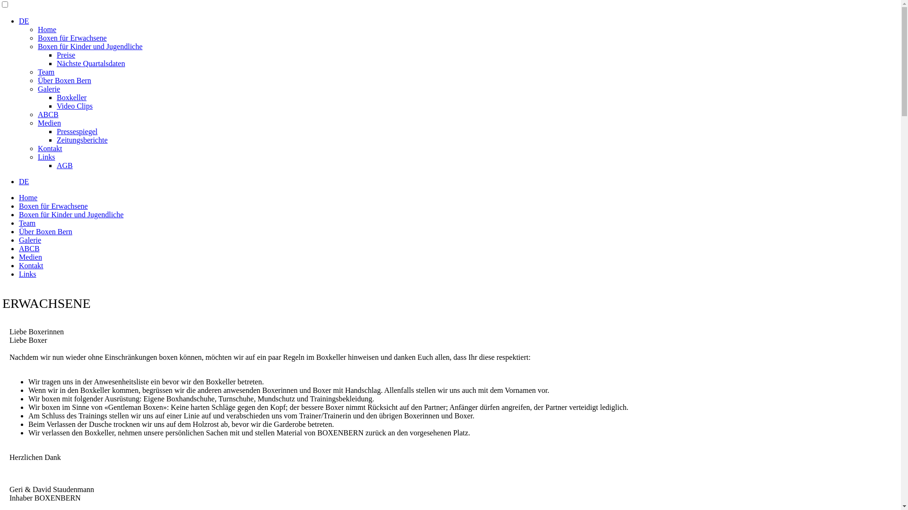 This screenshot has width=908, height=510. I want to click on 'Galerie', so click(38, 89).